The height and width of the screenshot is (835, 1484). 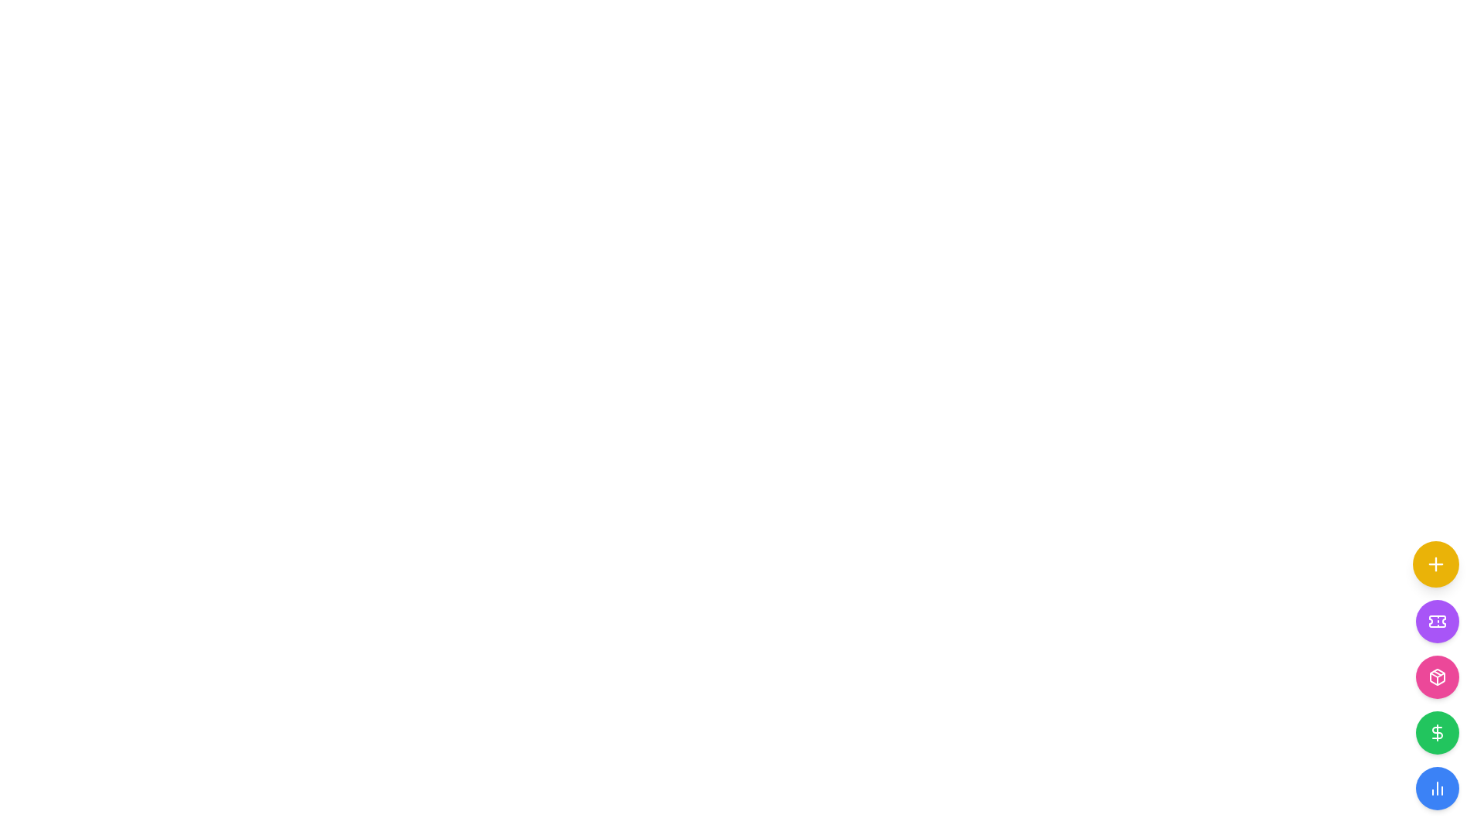 I want to click on the fifth button at the bottom of a vertically aligned set of buttons, so click(x=1437, y=788).